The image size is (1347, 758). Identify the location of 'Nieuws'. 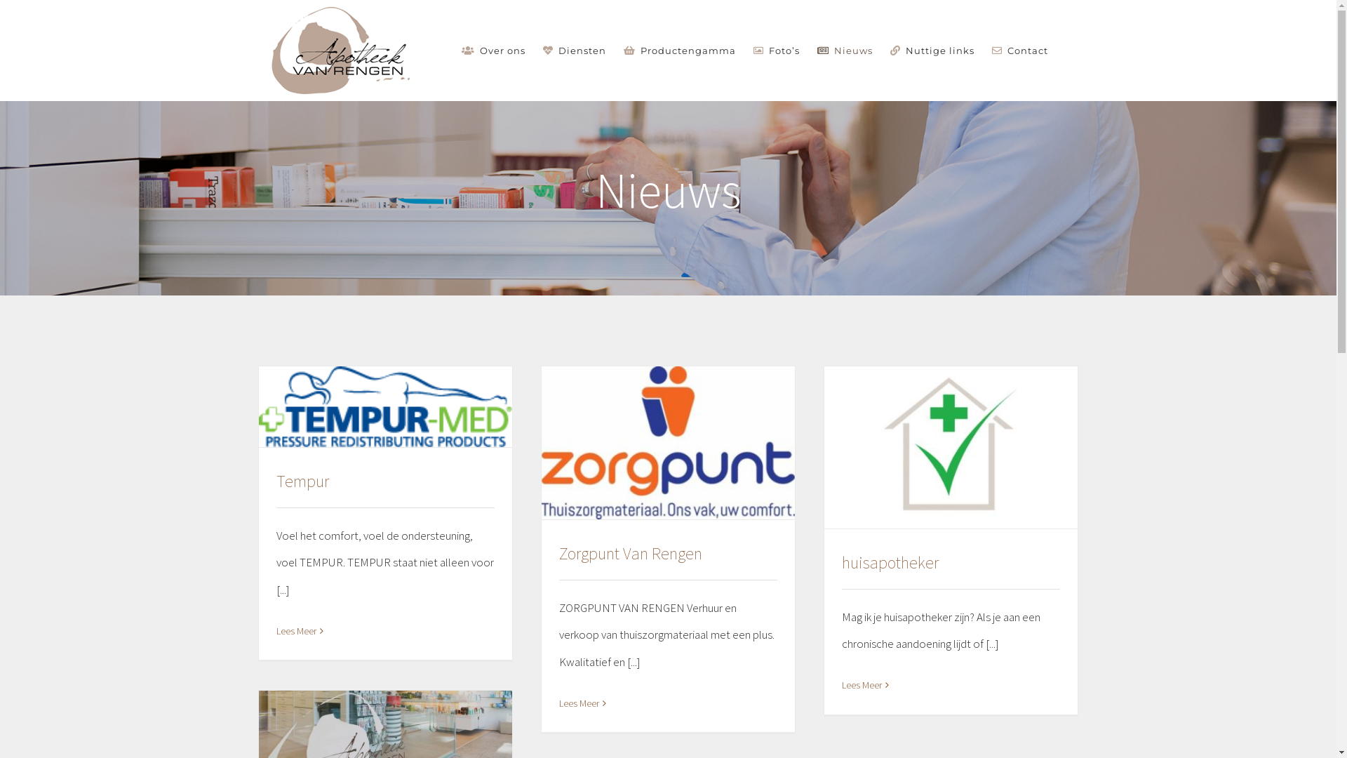
(844, 50).